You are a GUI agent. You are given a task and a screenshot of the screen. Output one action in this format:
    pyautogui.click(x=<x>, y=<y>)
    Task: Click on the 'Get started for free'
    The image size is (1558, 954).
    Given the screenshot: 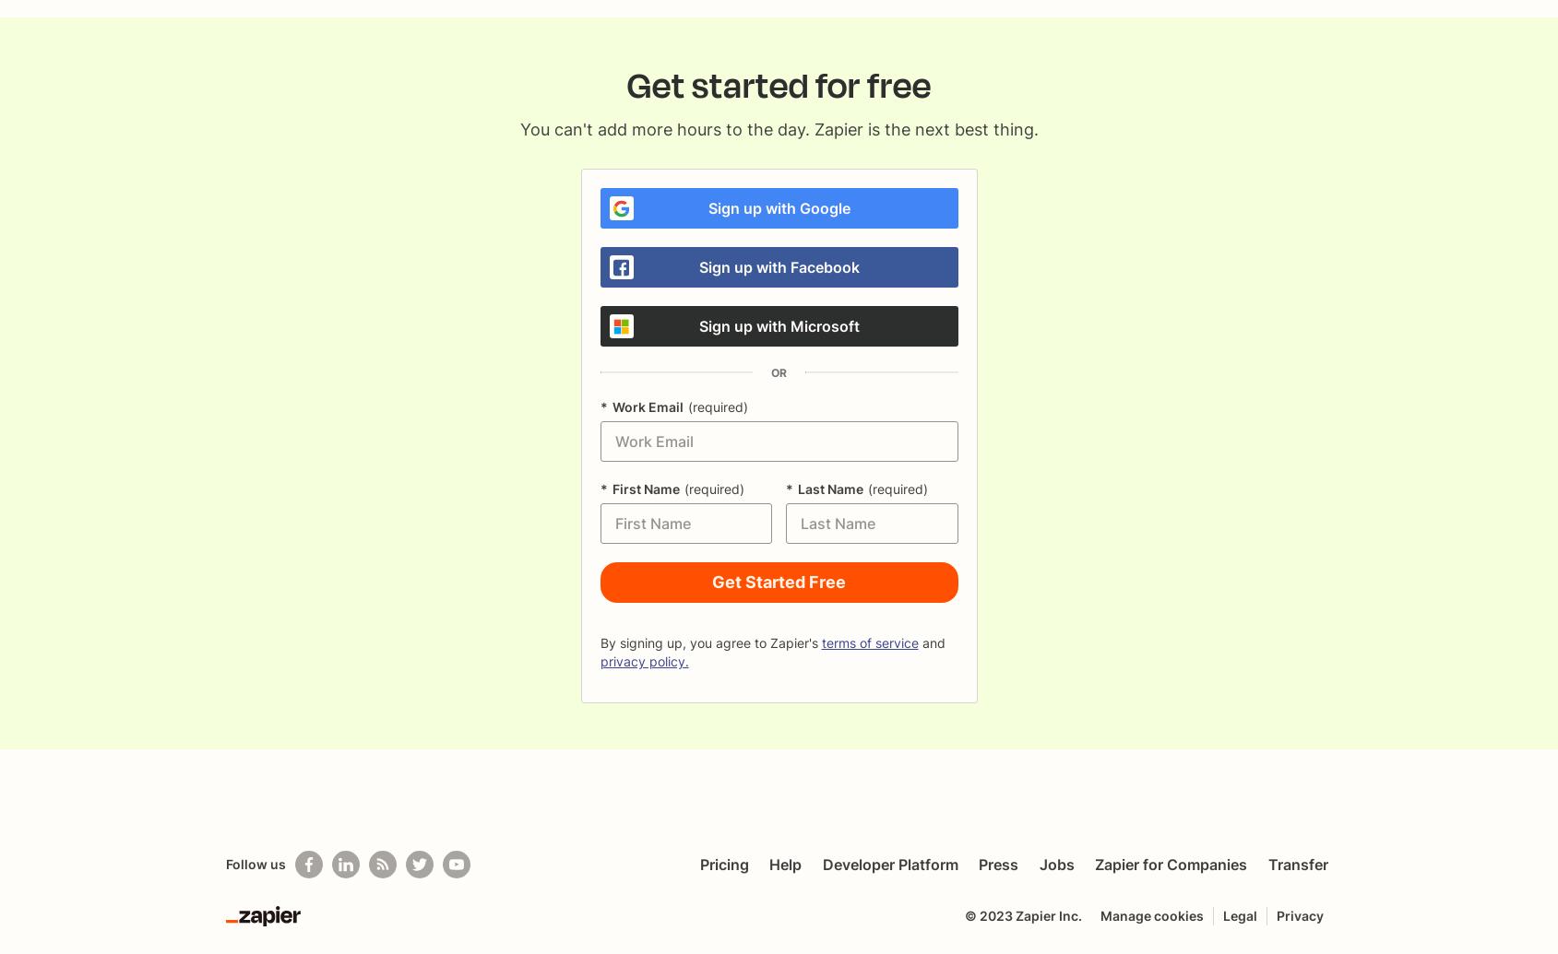 What is the action you would take?
    pyautogui.click(x=625, y=86)
    